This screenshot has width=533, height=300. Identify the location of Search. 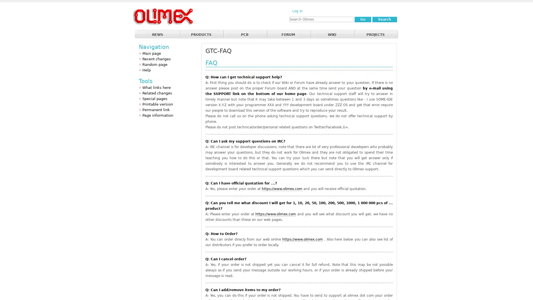
(384, 19).